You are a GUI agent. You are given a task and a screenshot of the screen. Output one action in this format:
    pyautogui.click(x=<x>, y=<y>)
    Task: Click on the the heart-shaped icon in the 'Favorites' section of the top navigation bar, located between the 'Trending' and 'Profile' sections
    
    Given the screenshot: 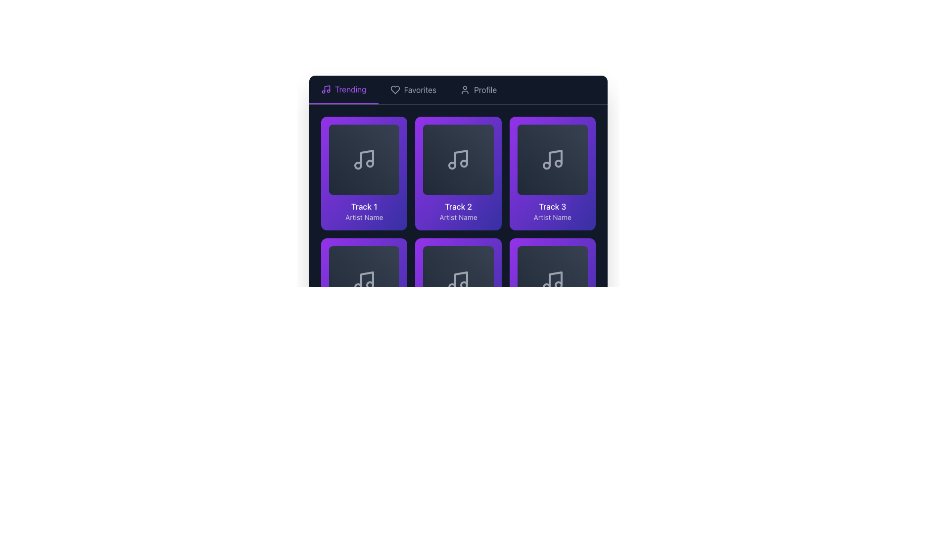 What is the action you would take?
    pyautogui.click(x=394, y=89)
    